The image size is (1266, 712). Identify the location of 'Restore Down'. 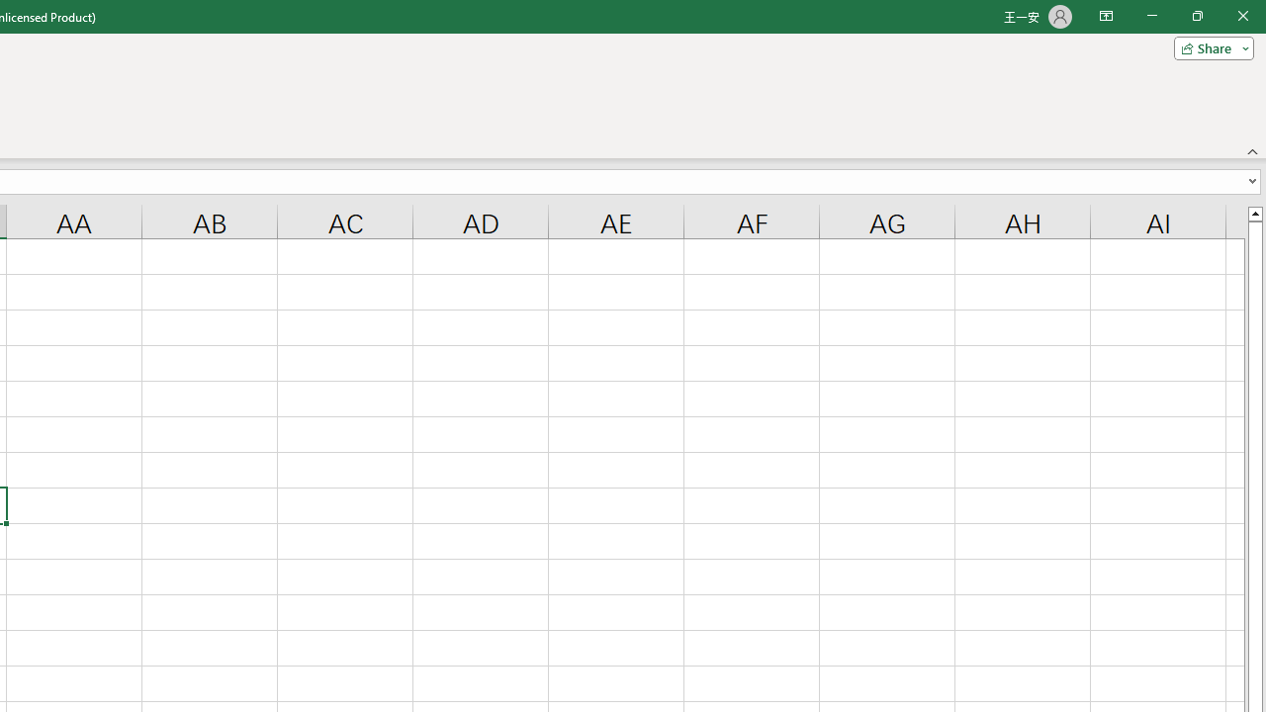
(1196, 16).